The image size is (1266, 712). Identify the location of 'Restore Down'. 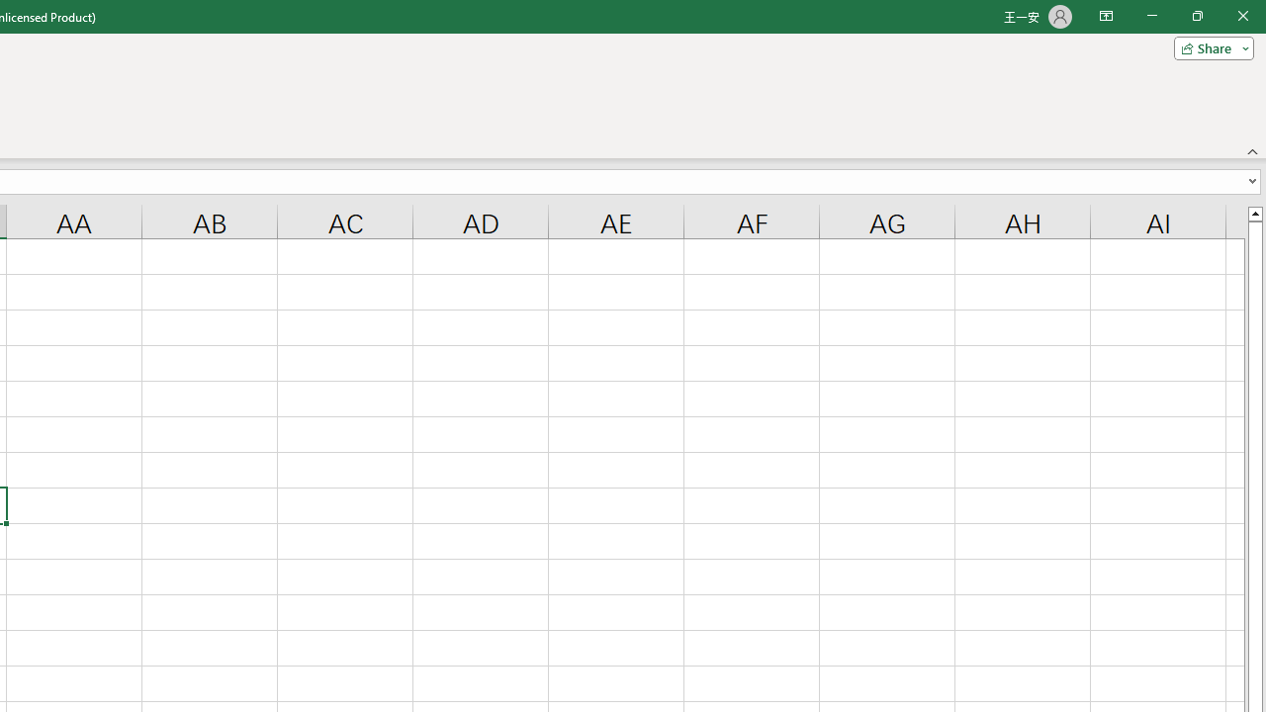
(1196, 16).